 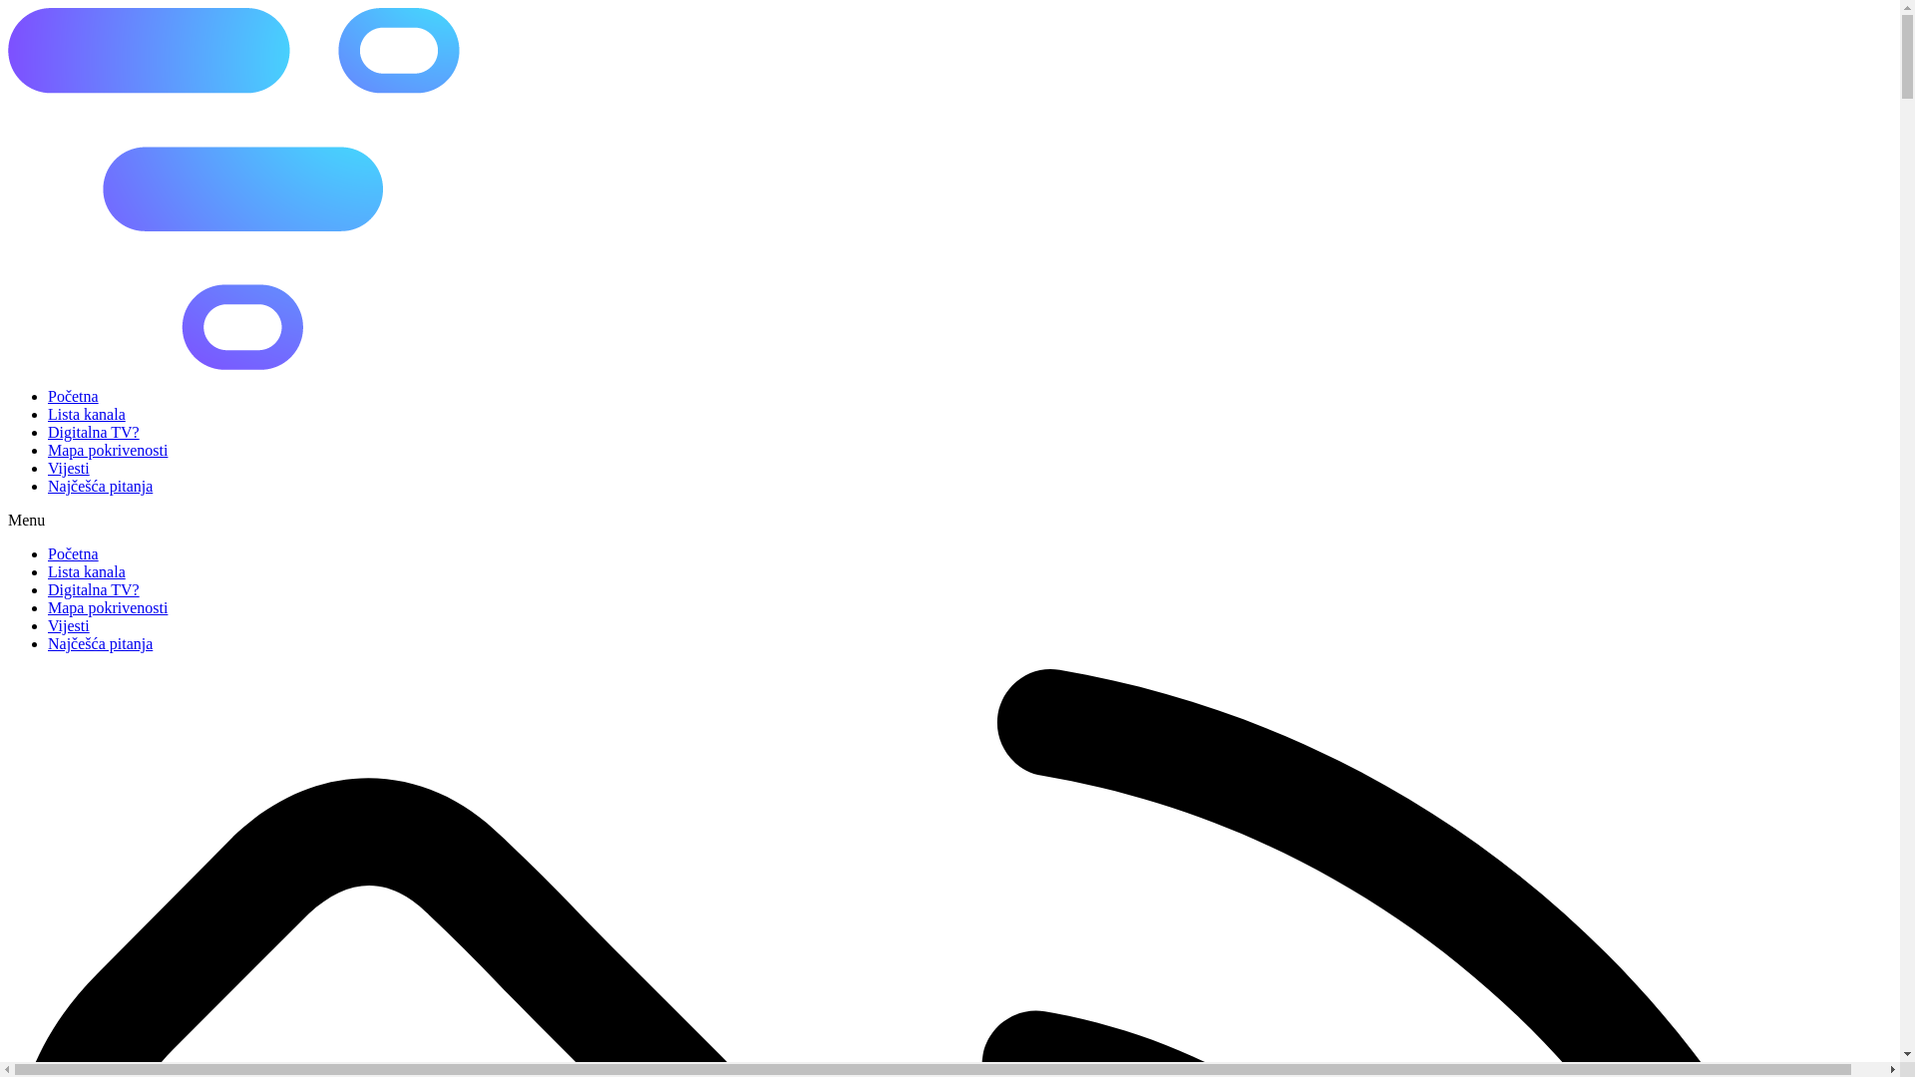 What do you see at coordinates (68, 468) in the screenshot?
I see `'Vijesti'` at bounding box center [68, 468].